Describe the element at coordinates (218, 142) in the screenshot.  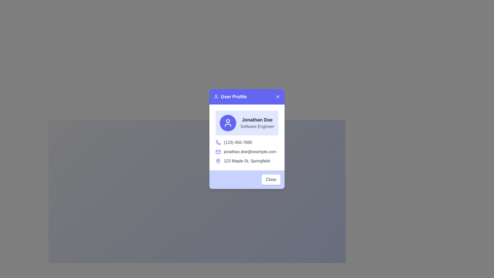
I see `the purple vintage telephone receiver icon positioned to the left of the phone number '(123) 456-7890' in the user profile card layout` at that location.